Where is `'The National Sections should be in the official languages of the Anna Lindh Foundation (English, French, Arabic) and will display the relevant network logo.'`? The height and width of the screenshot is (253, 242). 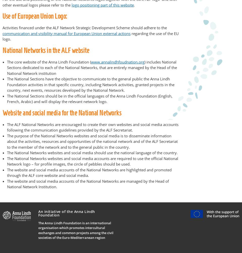 'The National Sections should be in the official languages of the Anna Lindh Foundation (English, French, Arabic) and will display the relevant network logo.' is located at coordinates (89, 98).